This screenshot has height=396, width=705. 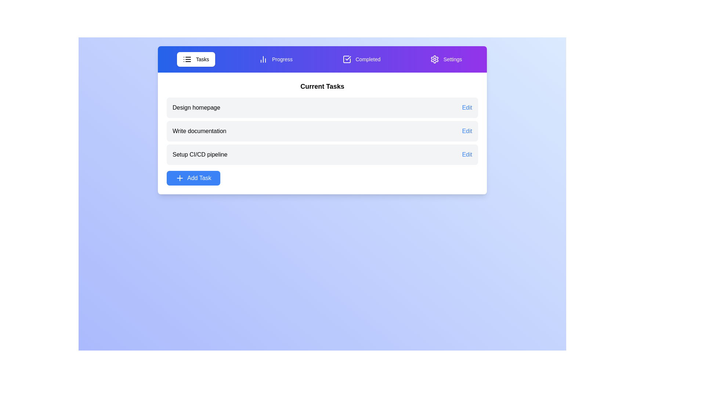 What do you see at coordinates (322, 131) in the screenshot?
I see `the task list item for 'Write documentation'` at bounding box center [322, 131].